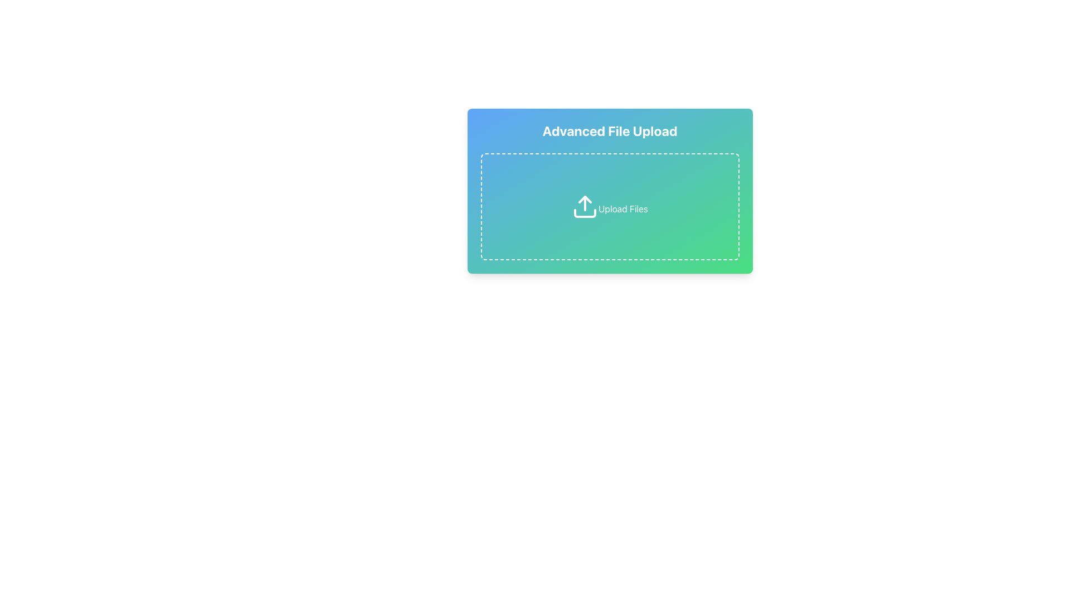 The width and height of the screenshot is (1070, 602). What do you see at coordinates (584, 206) in the screenshot?
I see `the white outlined upward arrow icon above a tray within the dashed border box of the 'Advanced File Upload' card to initiate file upload` at bounding box center [584, 206].